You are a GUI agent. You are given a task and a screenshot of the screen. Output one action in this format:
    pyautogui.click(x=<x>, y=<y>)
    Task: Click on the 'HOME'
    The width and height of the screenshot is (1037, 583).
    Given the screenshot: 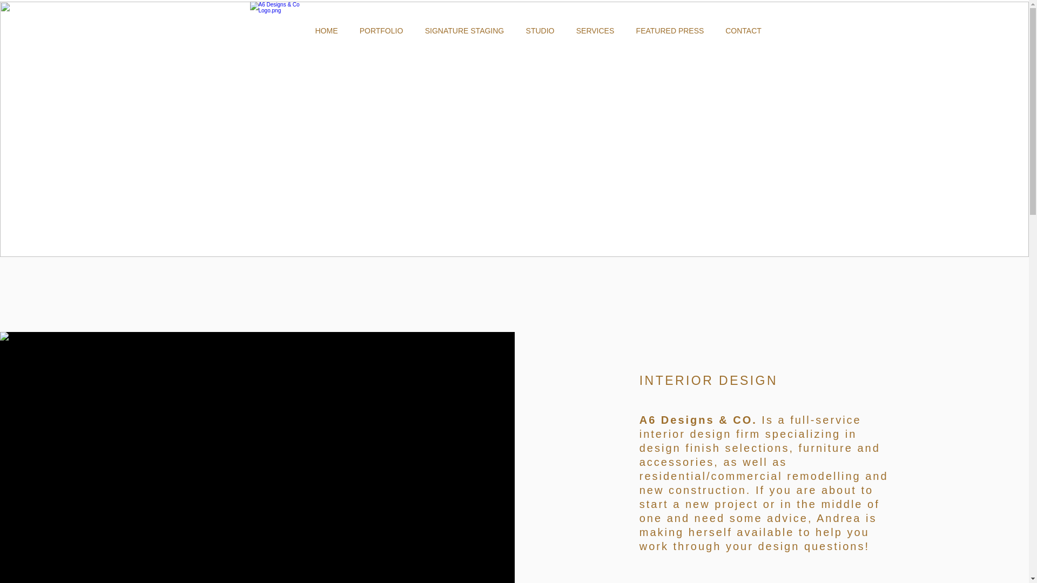 What is the action you would take?
    pyautogui.click(x=326, y=30)
    